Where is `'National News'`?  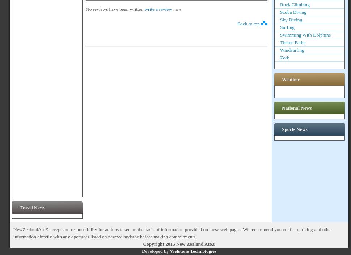 'National News' is located at coordinates (297, 107).